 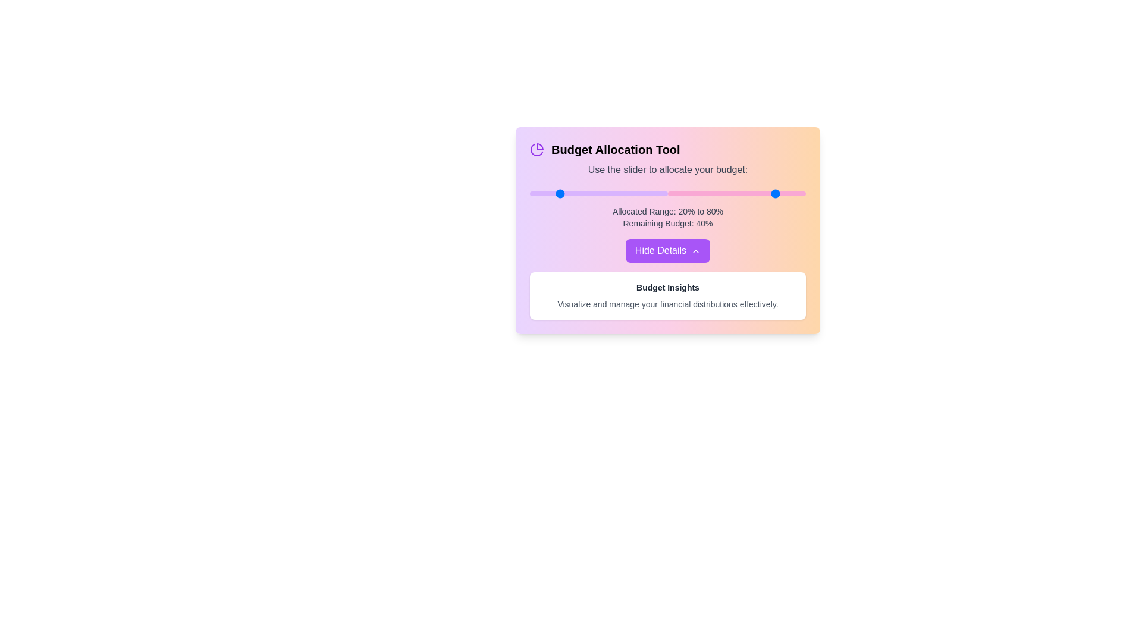 I want to click on the first slider to set the starting percentage to 9, so click(x=541, y=193).